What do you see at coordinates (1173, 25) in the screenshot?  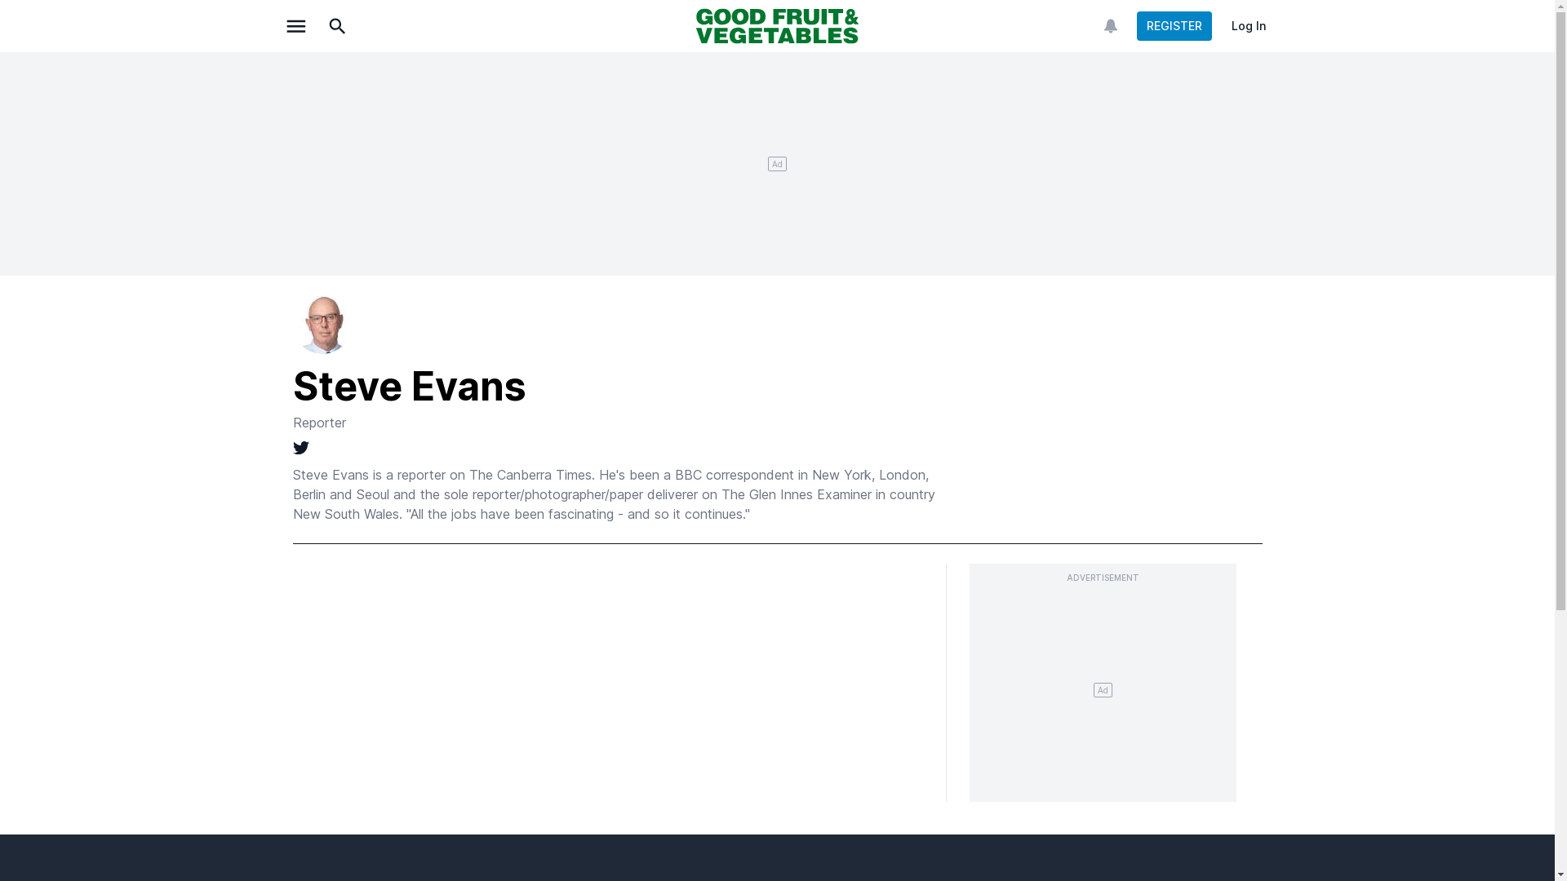 I see `'REGISTER'` at bounding box center [1173, 25].